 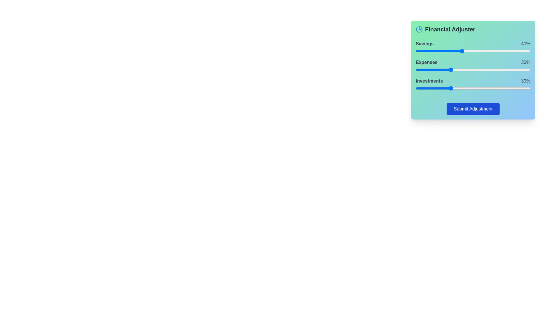 What do you see at coordinates (455, 88) in the screenshot?
I see `the Investments slider to set the percentage to 35` at bounding box center [455, 88].